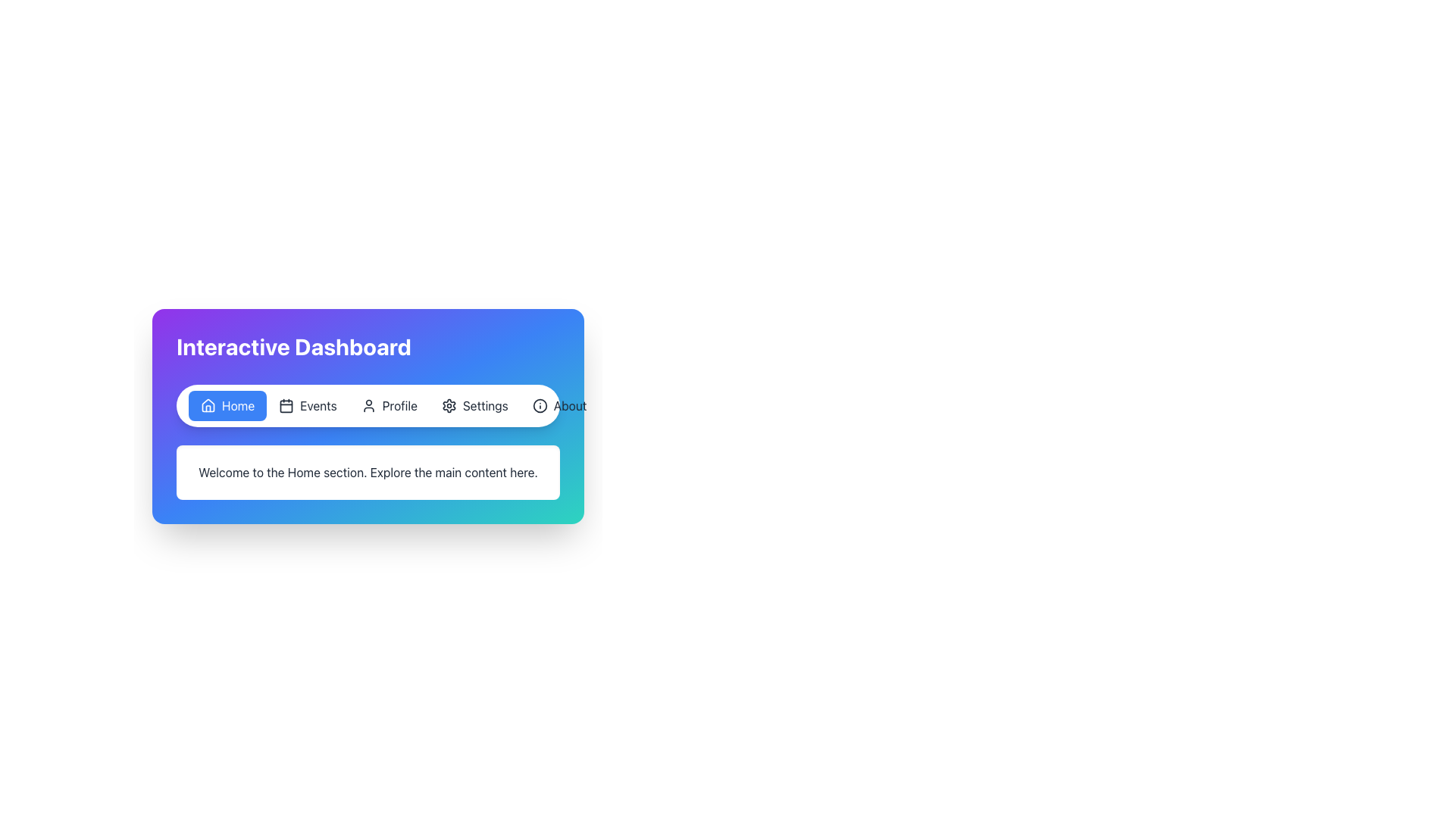 This screenshot has width=1455, height=818. Describe the element at coordinates (559, 405) in the screenshot. I see `the 'About' button, which is a rounded rectangular button with a black information icon and text, located in the rightmost position of the navigation bar` at that location.